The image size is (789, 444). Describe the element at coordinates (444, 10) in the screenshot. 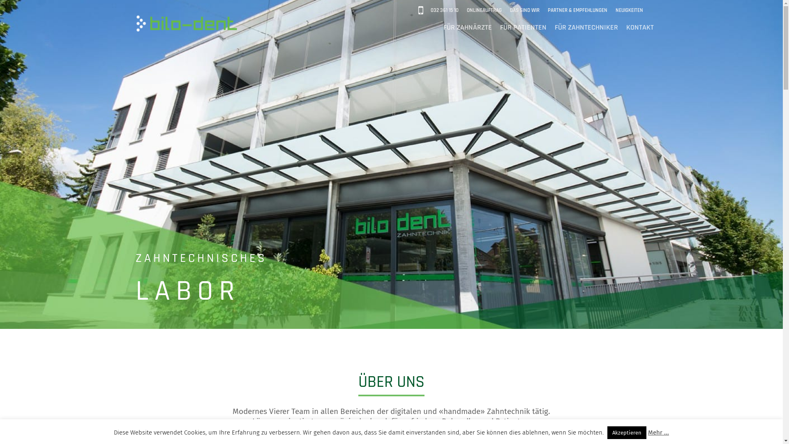

I see `'032 361 15 10'` at that location.